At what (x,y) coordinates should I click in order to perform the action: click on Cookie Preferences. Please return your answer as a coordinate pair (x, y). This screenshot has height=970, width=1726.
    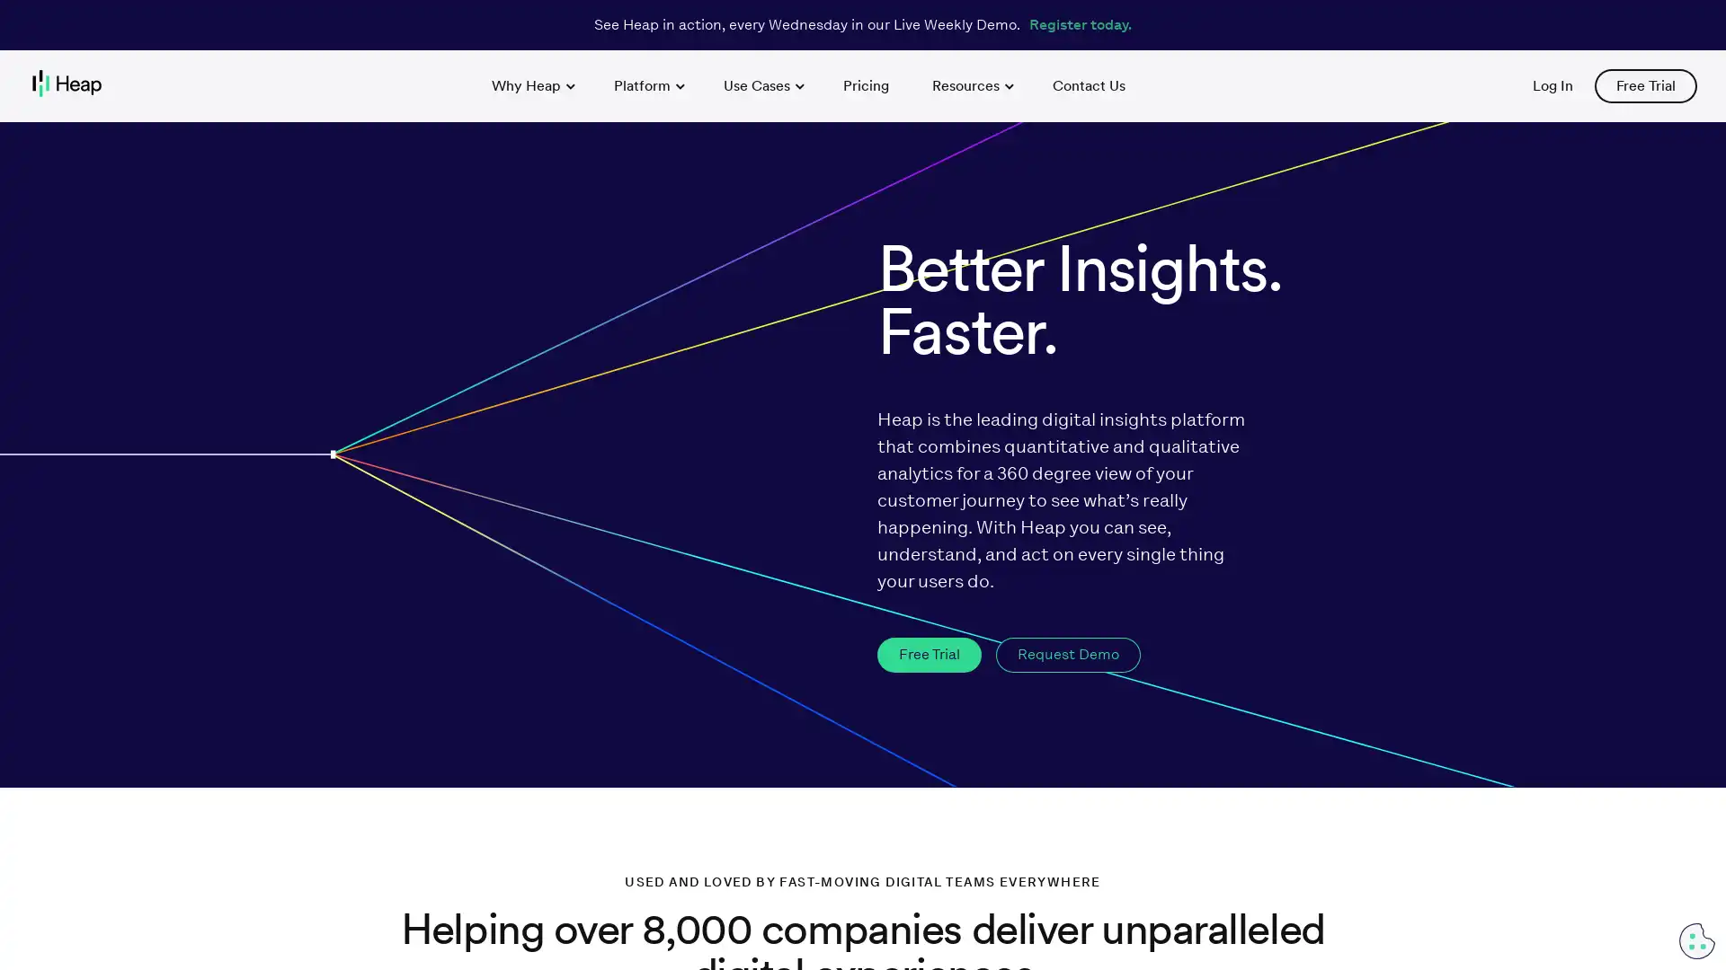
    Looking at the image, I should click on (1695, 940).